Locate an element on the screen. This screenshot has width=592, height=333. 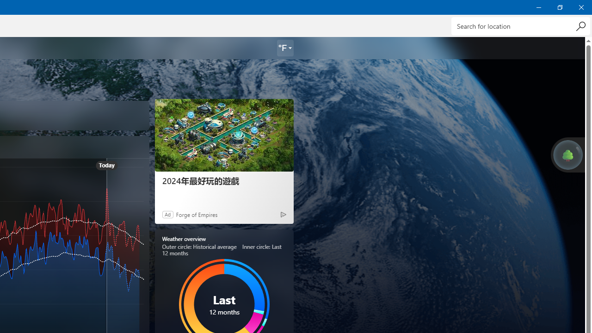
'Search for location' is located at coordinates (520, 25).